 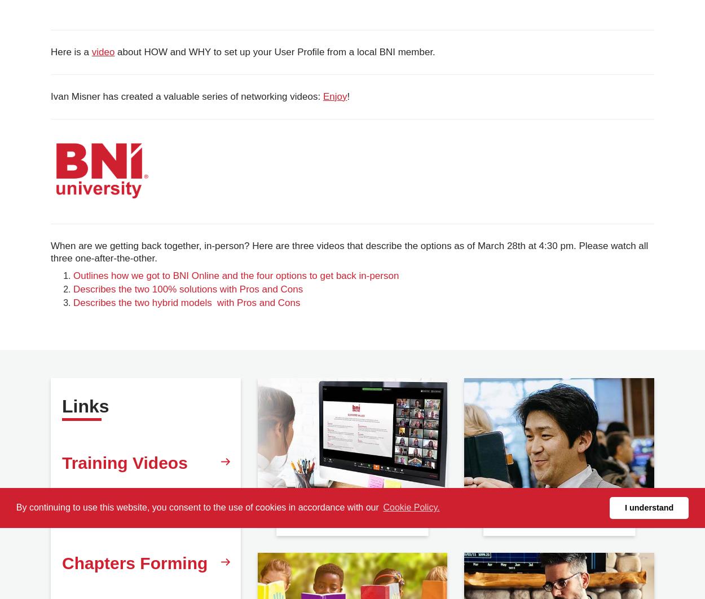 I want to click on 'Training Videos', so click(x=124, y=462).